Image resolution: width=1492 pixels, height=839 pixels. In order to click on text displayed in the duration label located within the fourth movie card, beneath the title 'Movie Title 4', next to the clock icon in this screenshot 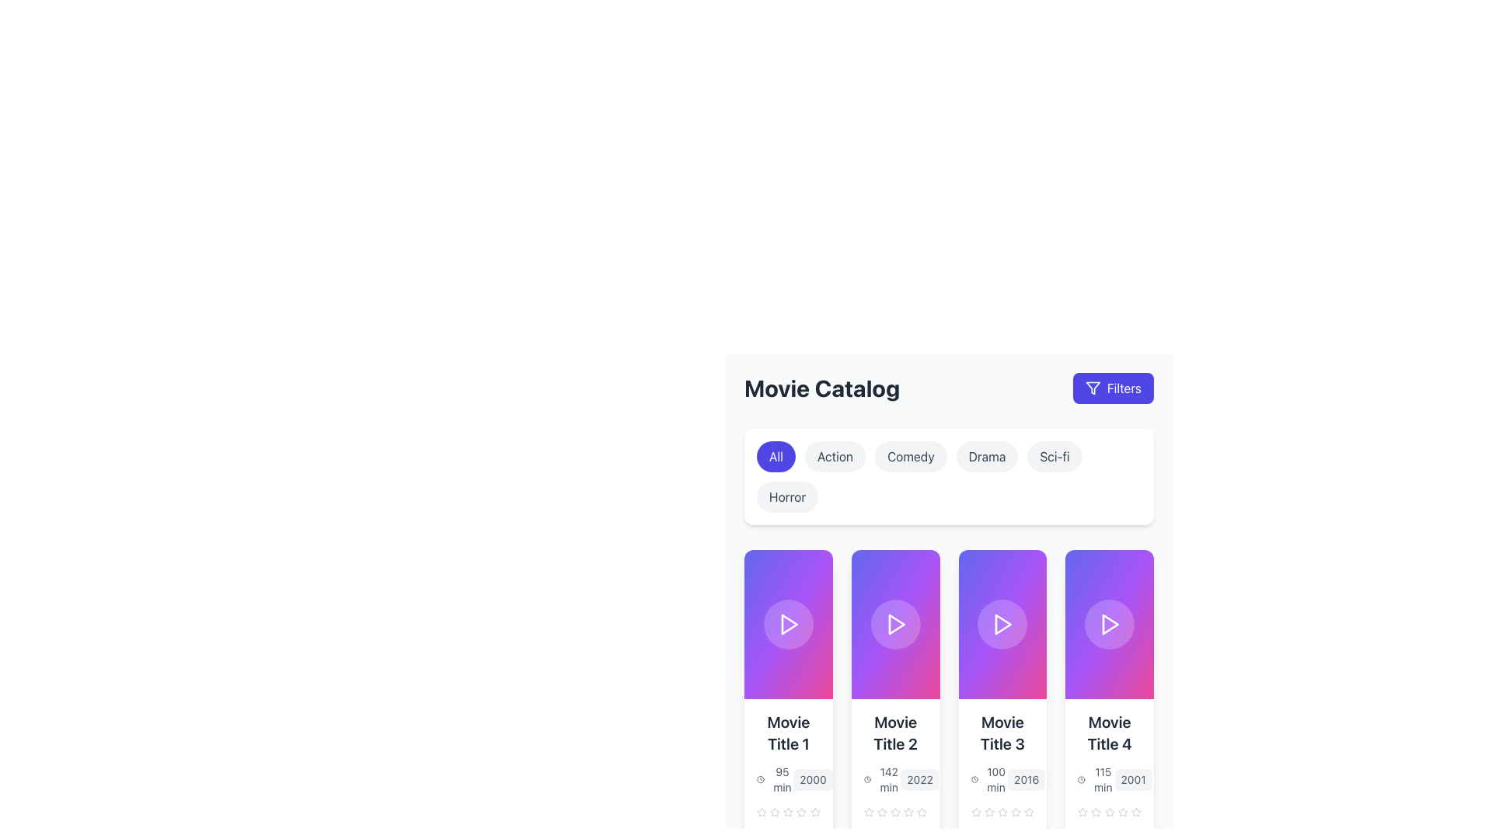, I will do `click(1102, 779)`.